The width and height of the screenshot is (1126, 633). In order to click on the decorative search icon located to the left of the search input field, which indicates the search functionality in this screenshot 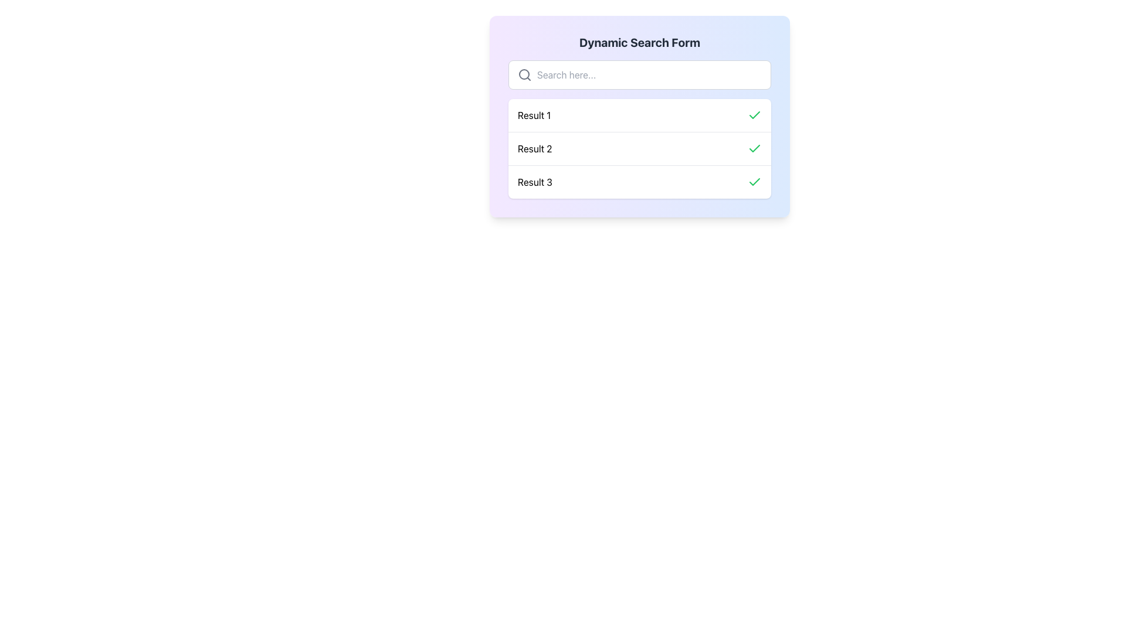, I will do `click(524, 74)`.